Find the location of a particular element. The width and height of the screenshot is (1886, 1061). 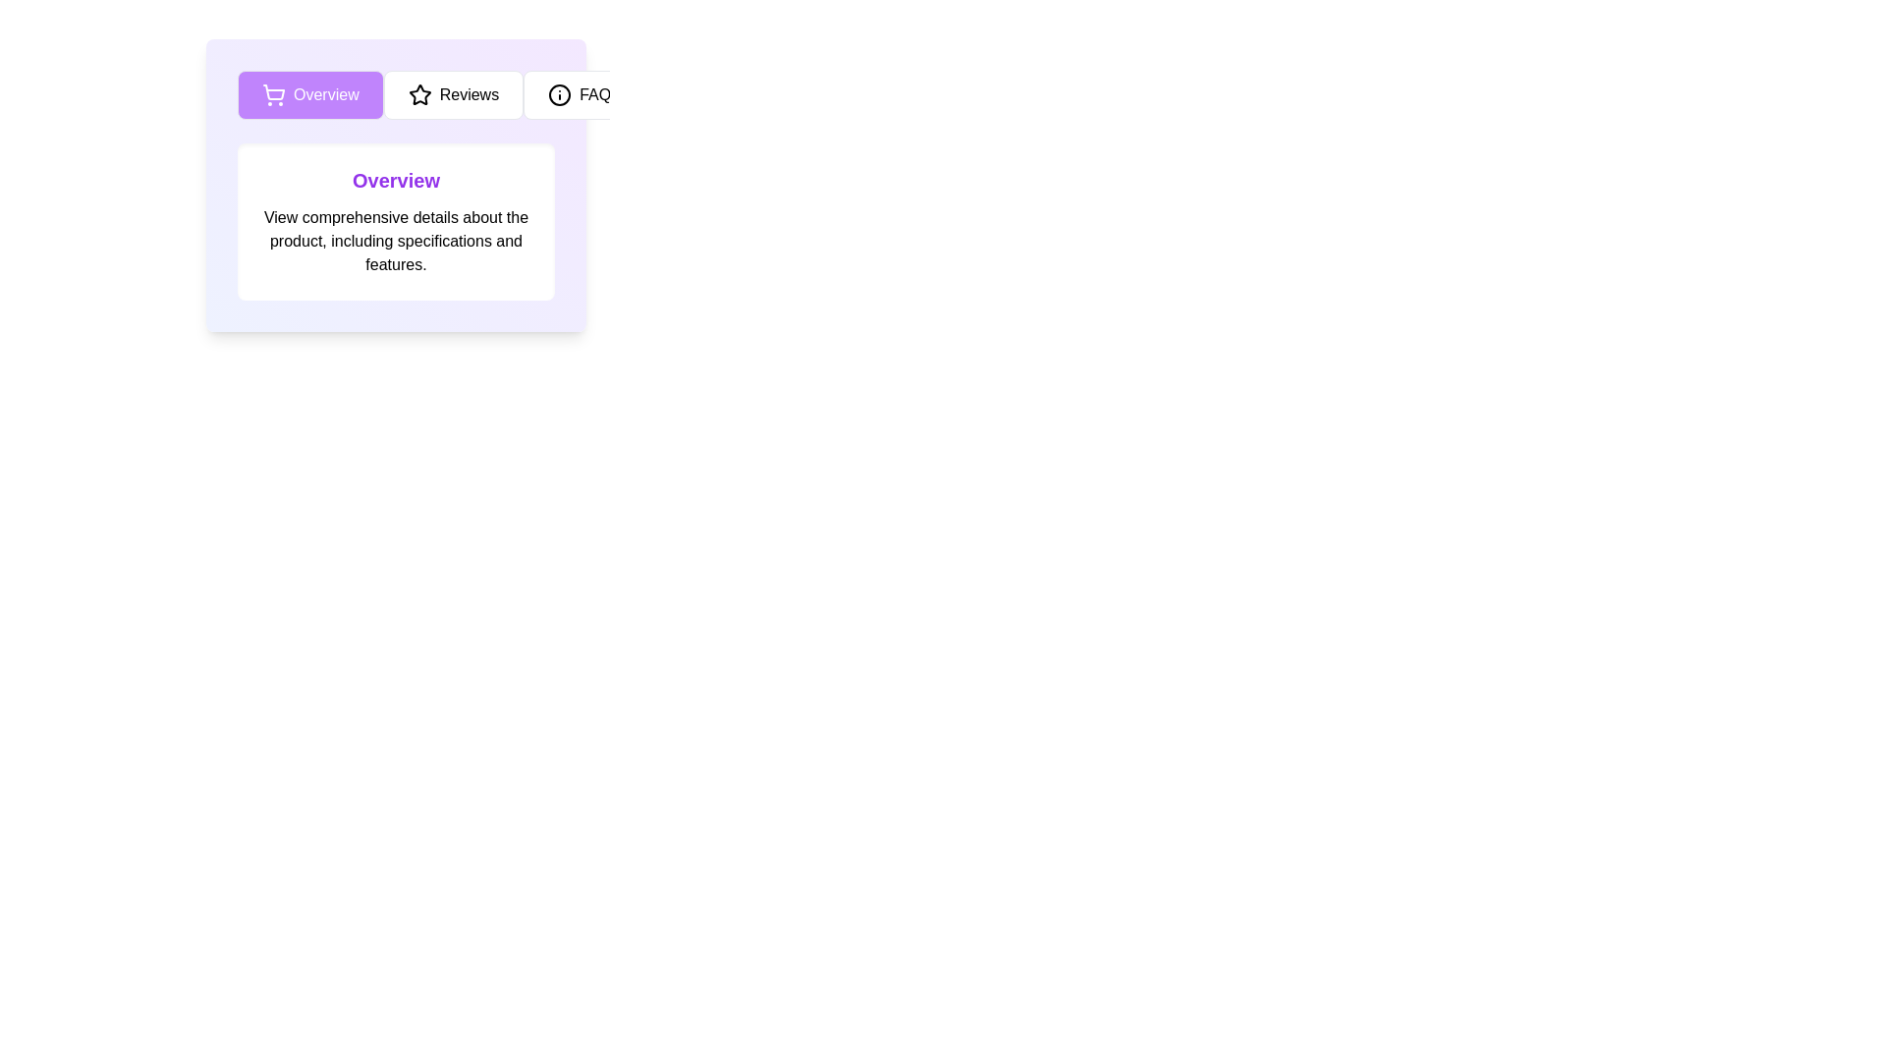

the Reviews tab to view its content is located at coordinates (451, 94).